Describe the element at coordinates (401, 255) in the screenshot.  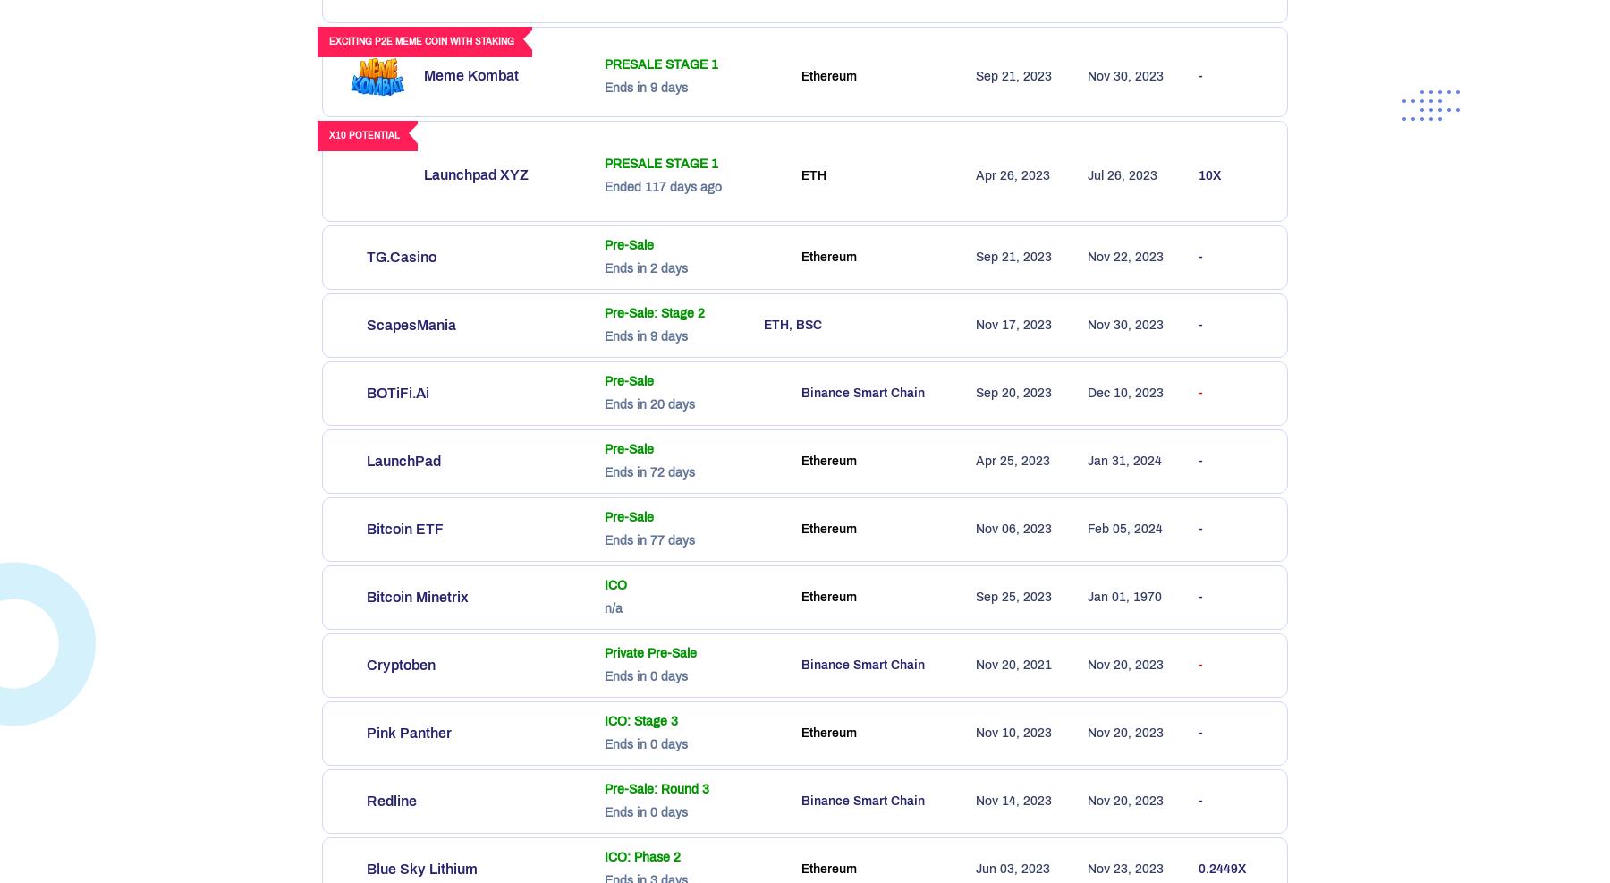
I see `'TG.Casino'` at that location.